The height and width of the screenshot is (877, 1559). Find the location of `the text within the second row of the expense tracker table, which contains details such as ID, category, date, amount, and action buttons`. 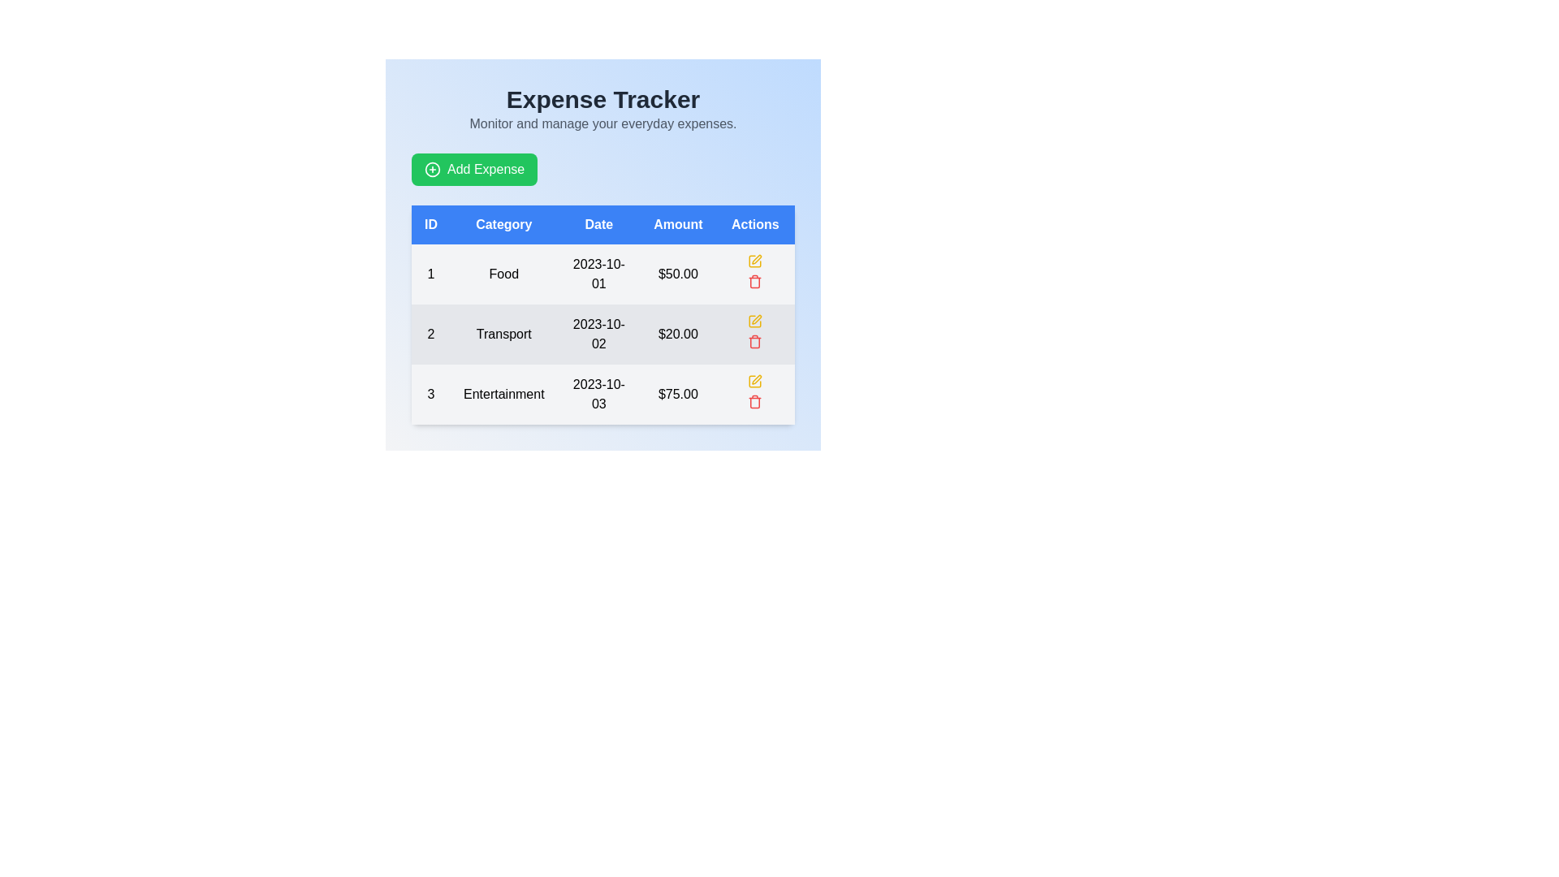

the text within the second row of the expense tracker table, which contains details such as ID, category, date, amount, and action buttons is located at coordinates (602, 315).